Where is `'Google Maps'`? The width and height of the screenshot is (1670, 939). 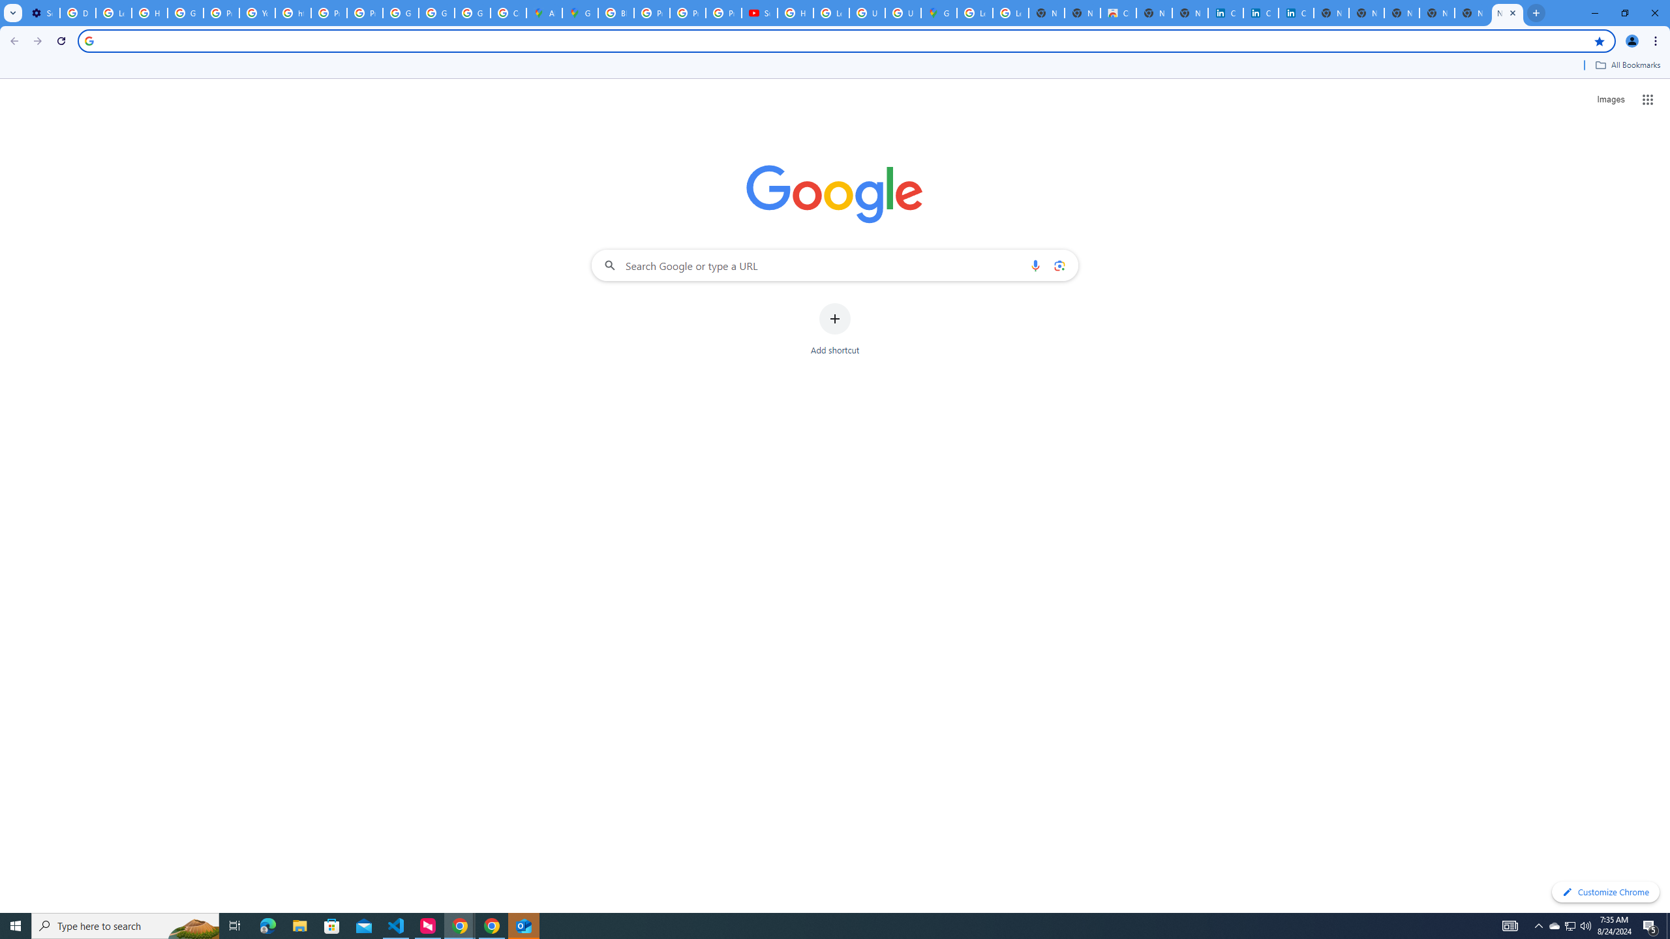 'Google Maps' is located at coordinates (939, 12).